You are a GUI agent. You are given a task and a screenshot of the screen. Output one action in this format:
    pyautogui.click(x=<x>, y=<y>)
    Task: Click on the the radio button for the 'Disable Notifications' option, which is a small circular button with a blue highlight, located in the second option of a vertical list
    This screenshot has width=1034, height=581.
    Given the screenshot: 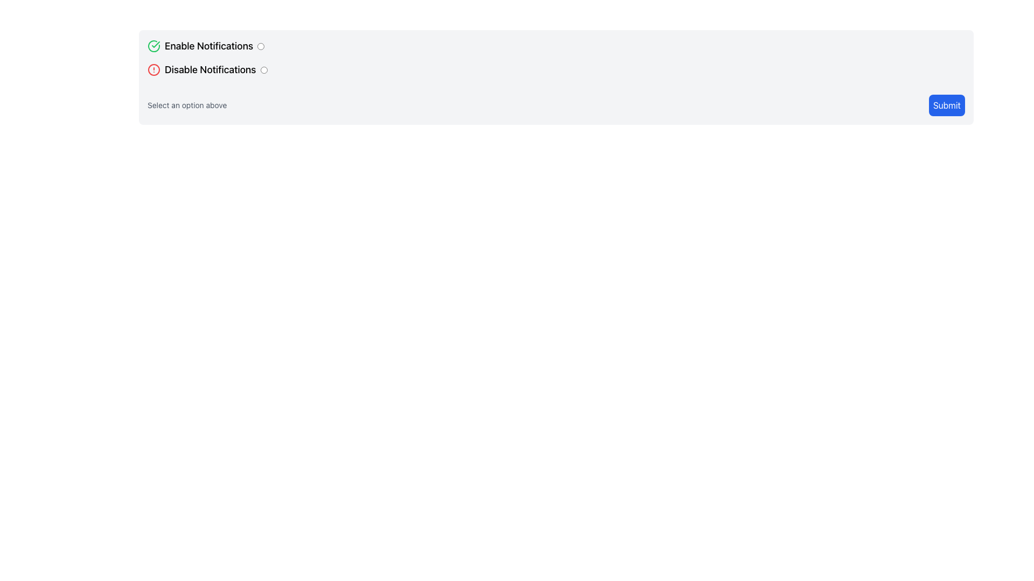 What is the action you would take?
    pyautogui.click(x=263, y=70)
    